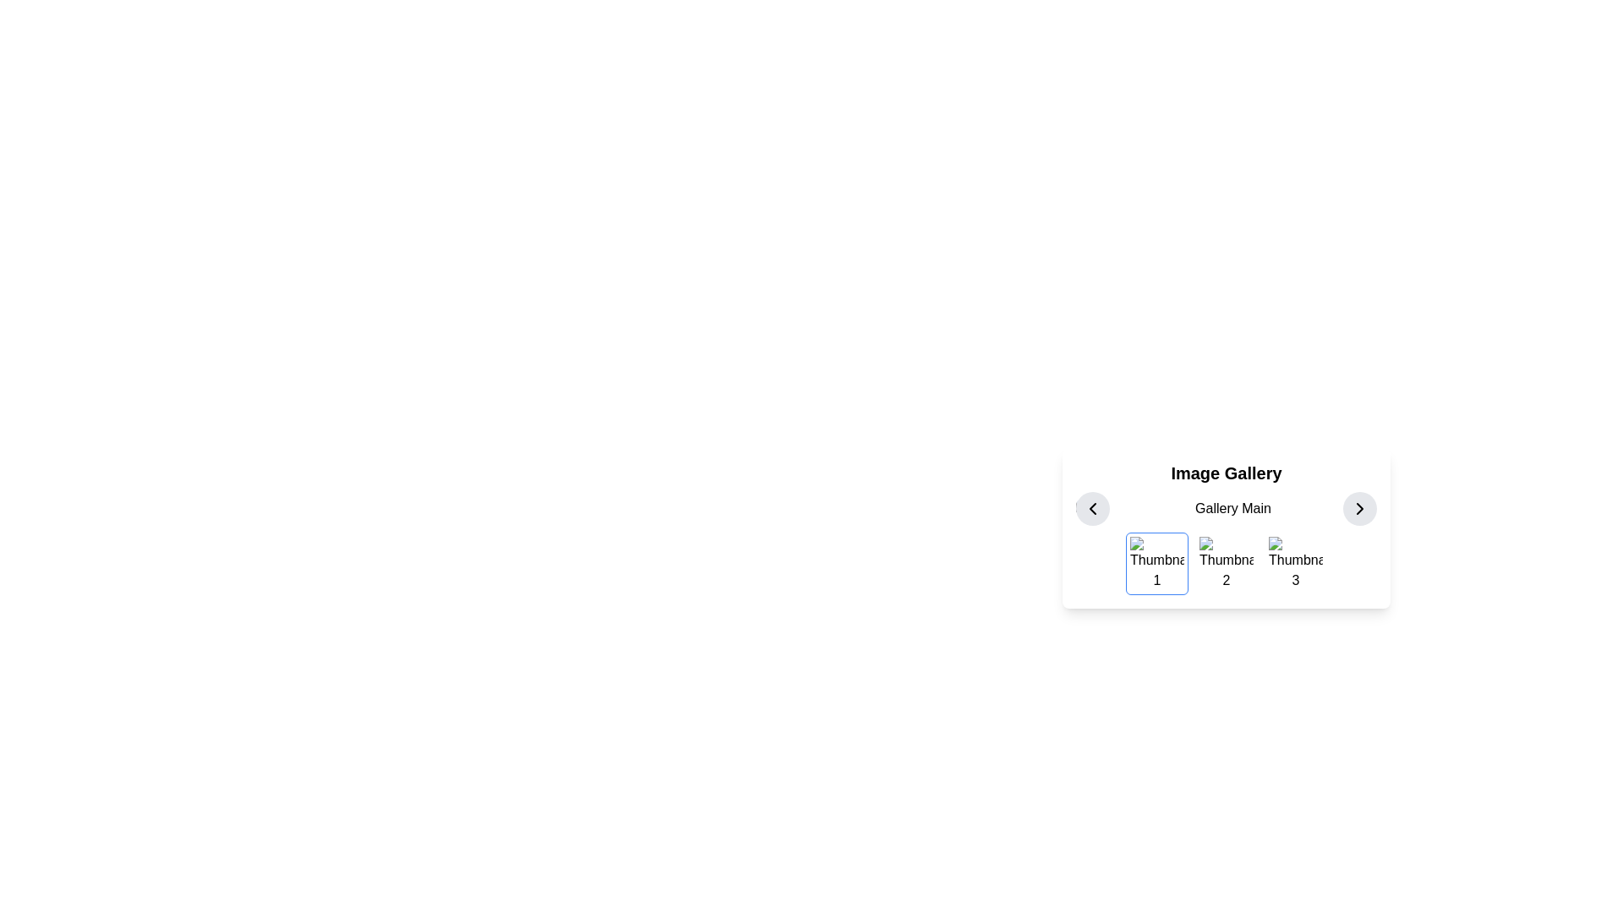 This screenshot has height=913, width=1623. Describe the element at coordinates (1226, 564) in the screenshot. I see `the interactive image thumbnail representing 'Thumbnail 2'` at that location.